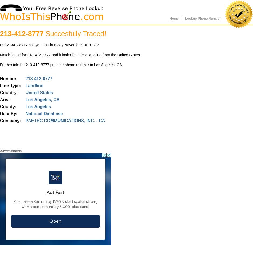  I want to click on 'National Database', so click(44, 114).